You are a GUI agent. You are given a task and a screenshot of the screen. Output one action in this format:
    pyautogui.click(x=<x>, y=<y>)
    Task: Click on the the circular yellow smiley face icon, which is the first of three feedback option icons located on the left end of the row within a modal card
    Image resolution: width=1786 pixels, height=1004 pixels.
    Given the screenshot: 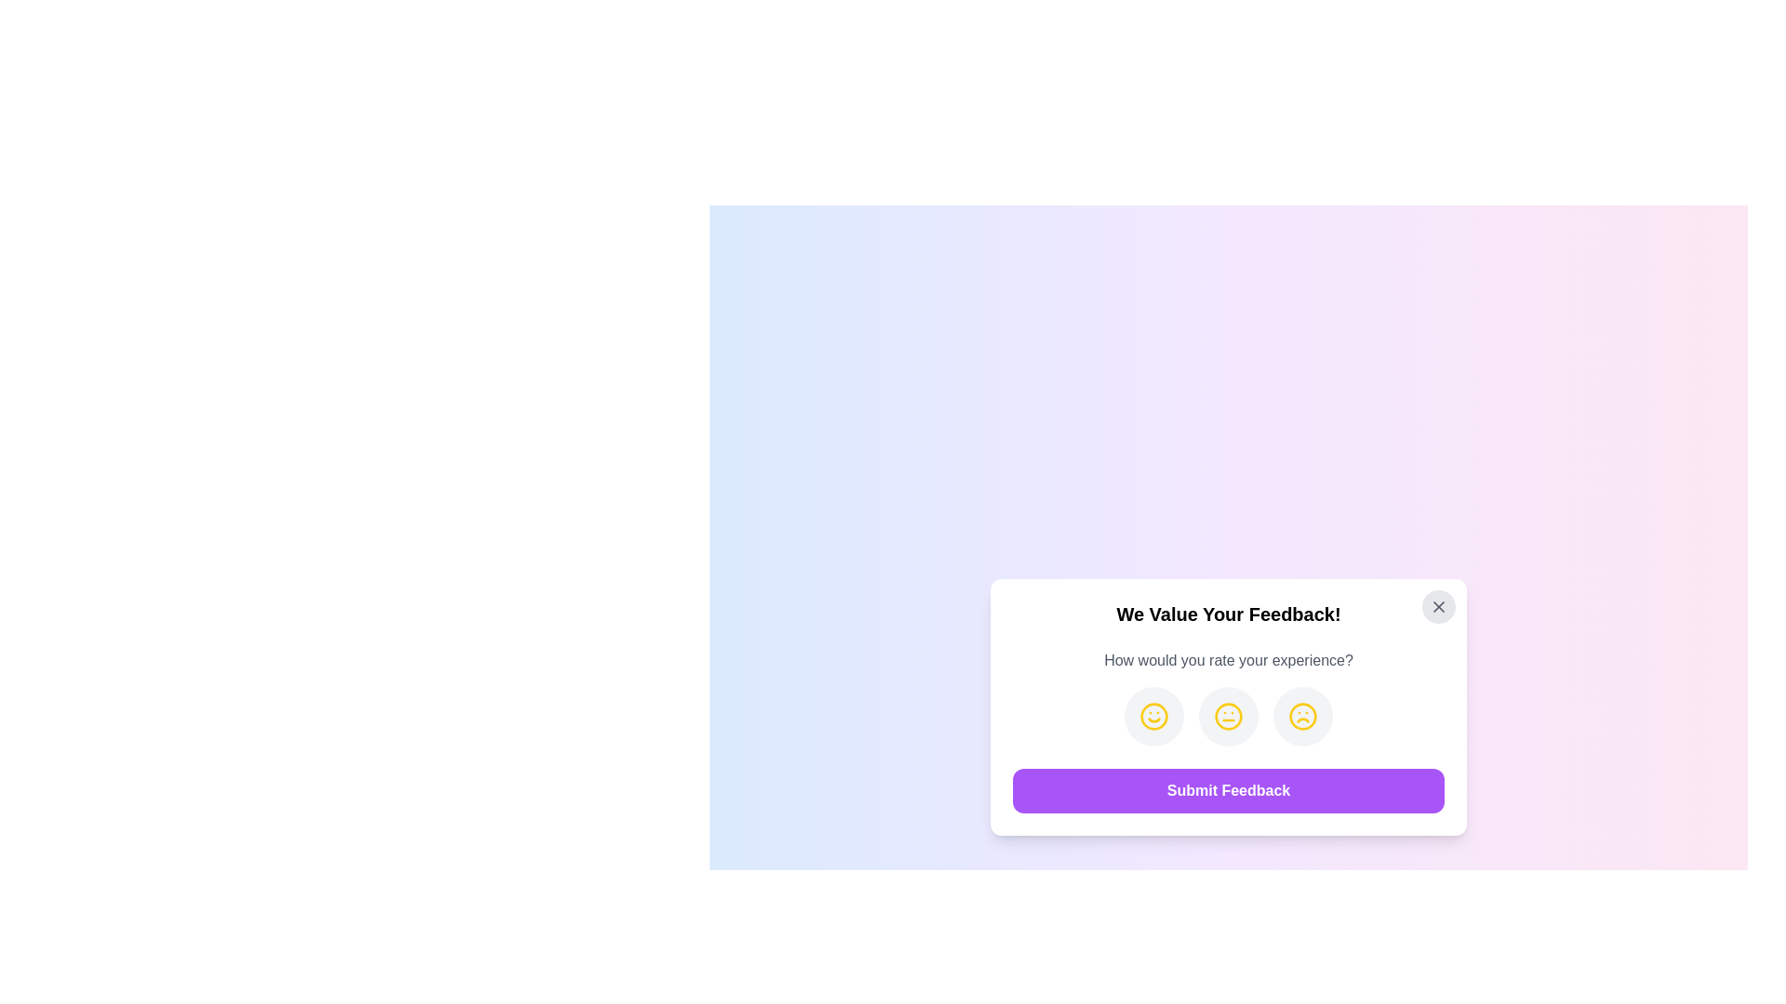 What is the action you would take?
    pyautogui.click(x=1153, y=716)
    